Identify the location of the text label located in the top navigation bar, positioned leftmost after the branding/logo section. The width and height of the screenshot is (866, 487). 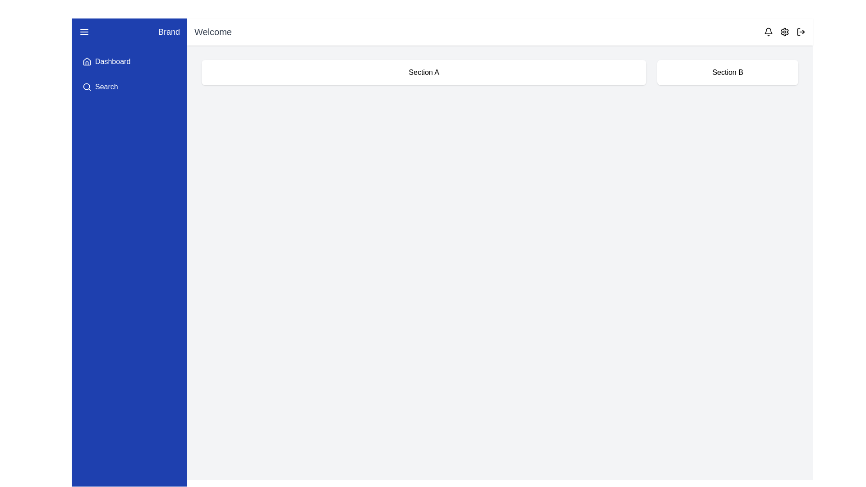
(212, 31).